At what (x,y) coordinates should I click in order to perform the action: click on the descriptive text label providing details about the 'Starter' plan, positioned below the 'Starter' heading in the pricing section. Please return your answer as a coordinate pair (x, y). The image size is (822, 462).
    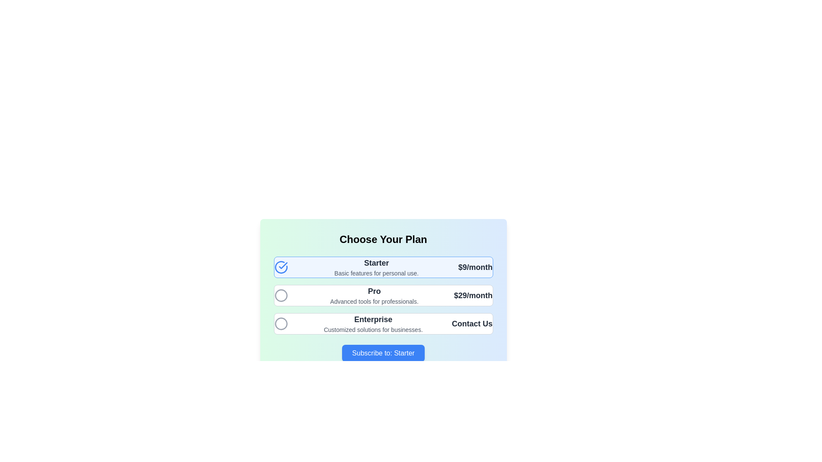
    Looking at the image, I should click on (376, 273).